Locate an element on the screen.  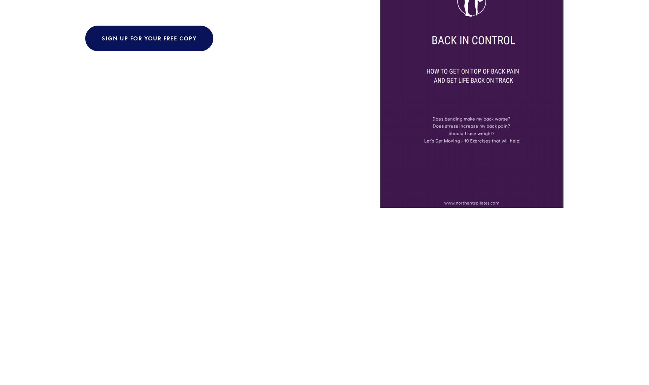
'about back pain which could keep you from recovering in the long term.' is located at coordinates (241, 128).